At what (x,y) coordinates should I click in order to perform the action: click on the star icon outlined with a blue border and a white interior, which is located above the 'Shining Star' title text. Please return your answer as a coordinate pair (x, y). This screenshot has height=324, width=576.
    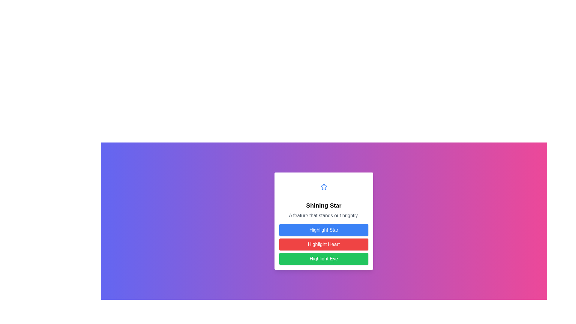
    Looking at the image, I should click on (323, 186).